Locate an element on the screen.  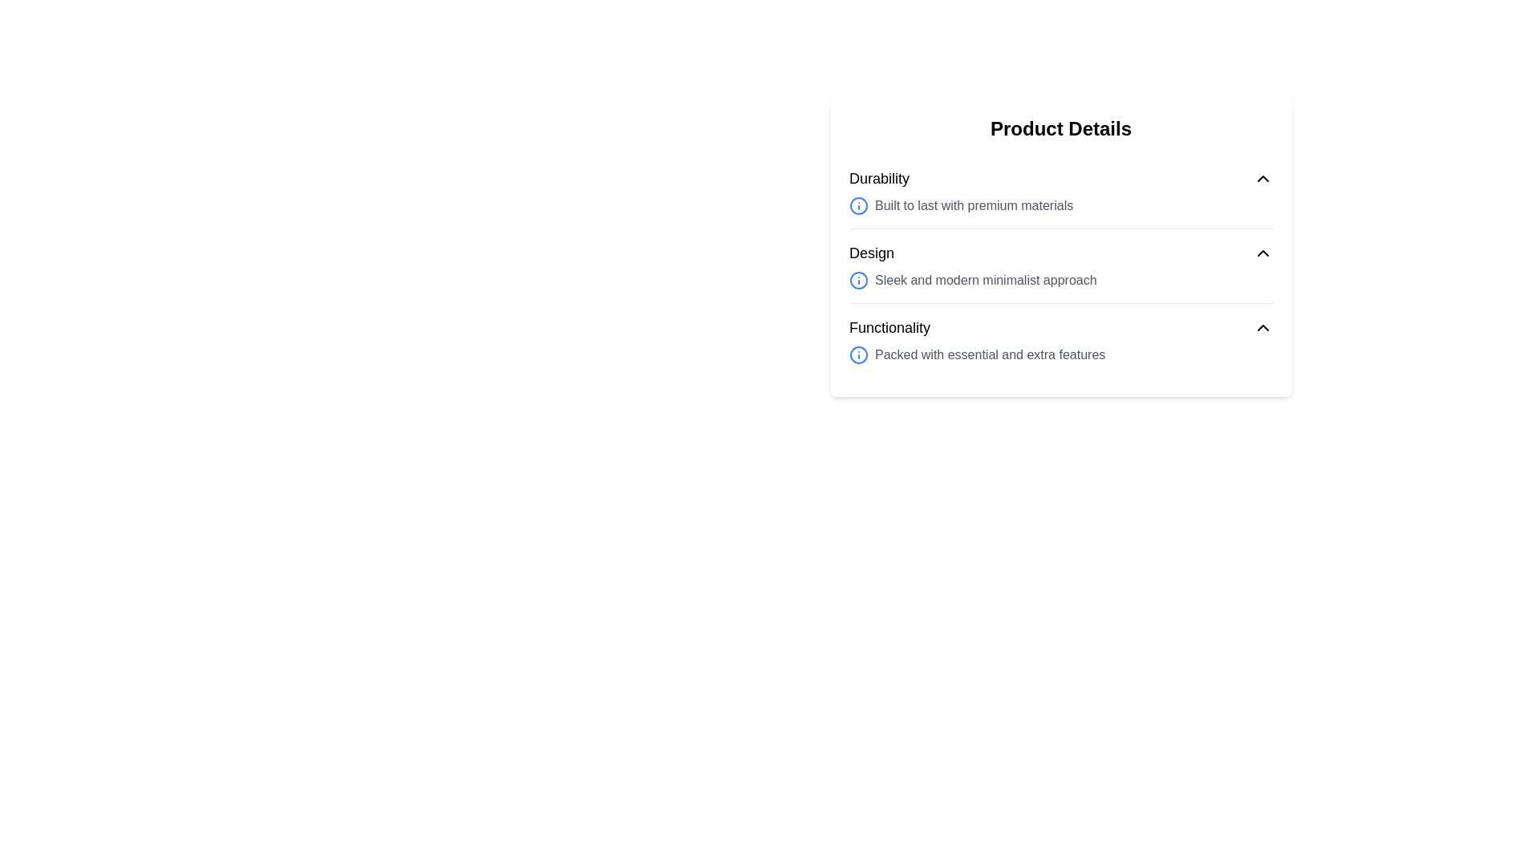
static text providing supplemental information about the durability of the product, located under the 'Durability' heading is located at coordinates (1061, 205).